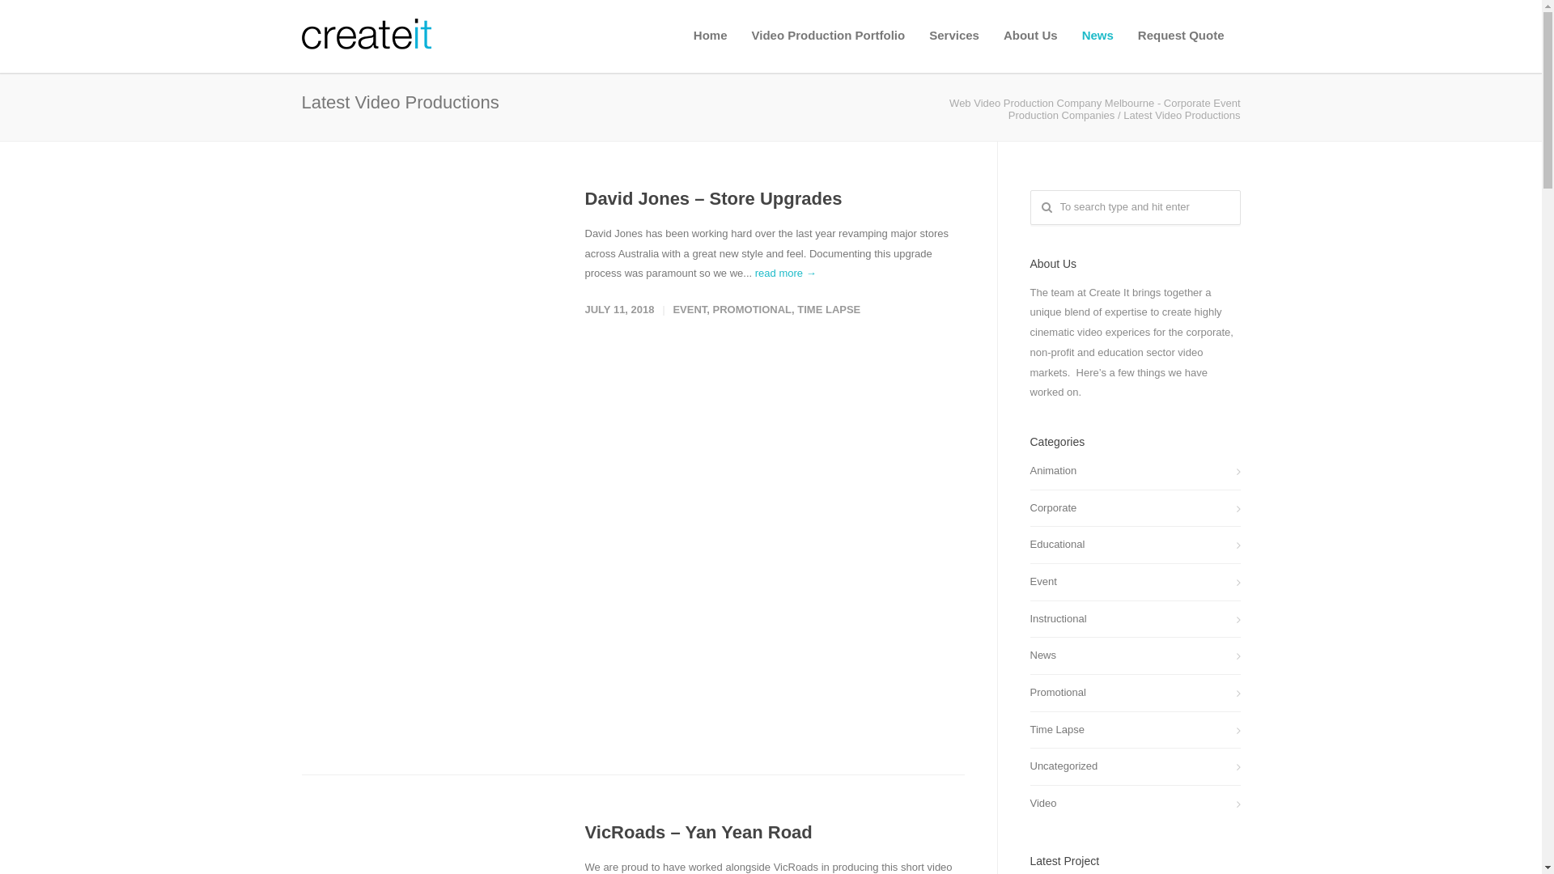  What do you see at coordinates (954, 35) in the screenshot?
I see `'Services'` at bounding box center [954, 35].